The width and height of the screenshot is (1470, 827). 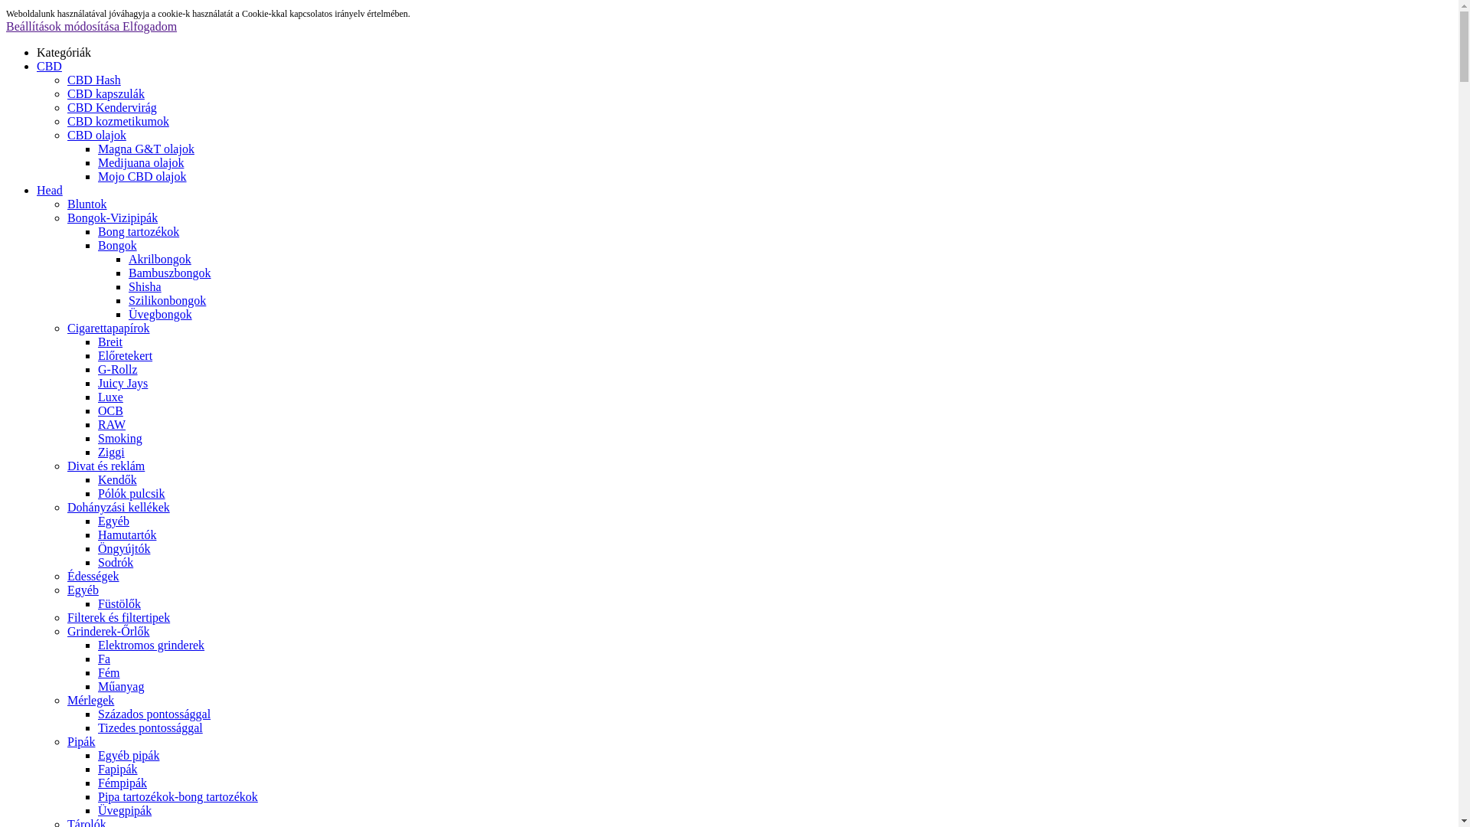 I want to click on 'Mojo CBD olajok', so click(x=142, y=175).